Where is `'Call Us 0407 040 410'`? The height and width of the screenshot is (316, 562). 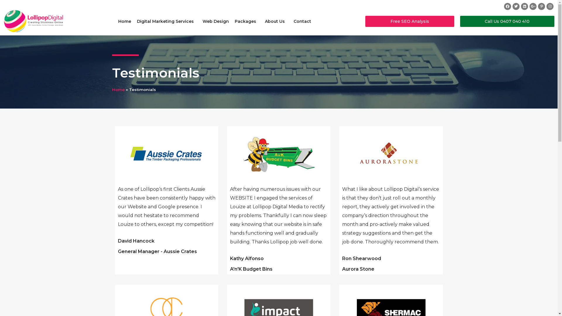 'Call Us 0407 040 410' is located at coordinates (507, 21).